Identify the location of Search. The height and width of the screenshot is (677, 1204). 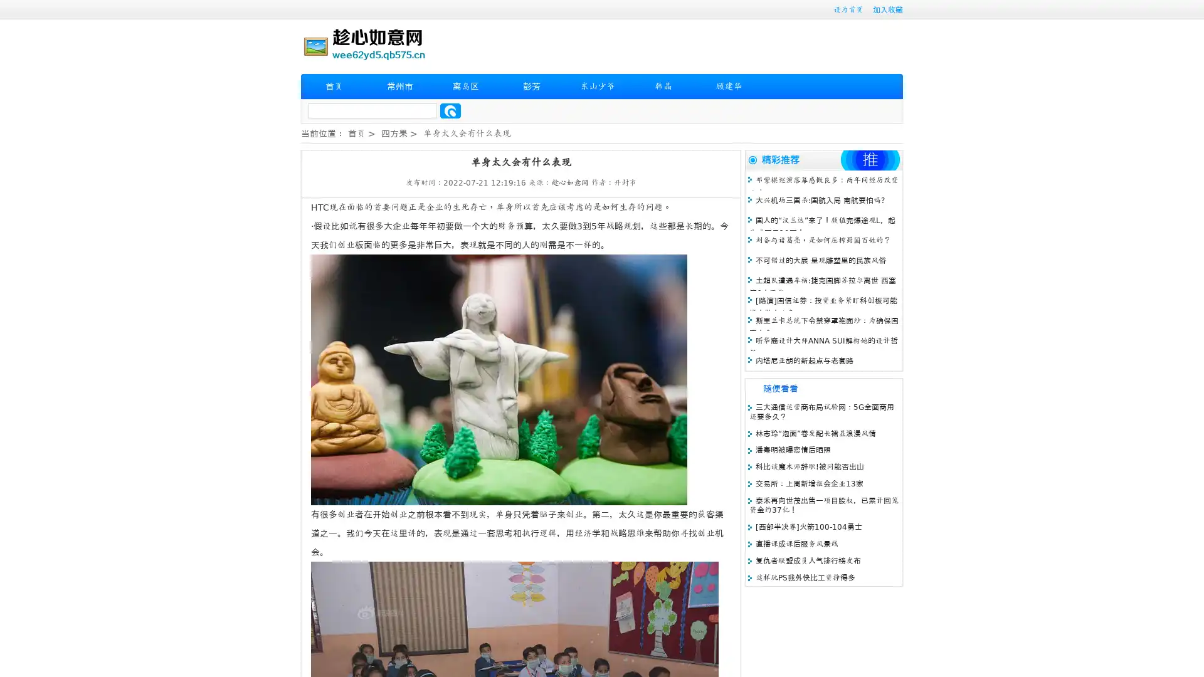
(450, 110).